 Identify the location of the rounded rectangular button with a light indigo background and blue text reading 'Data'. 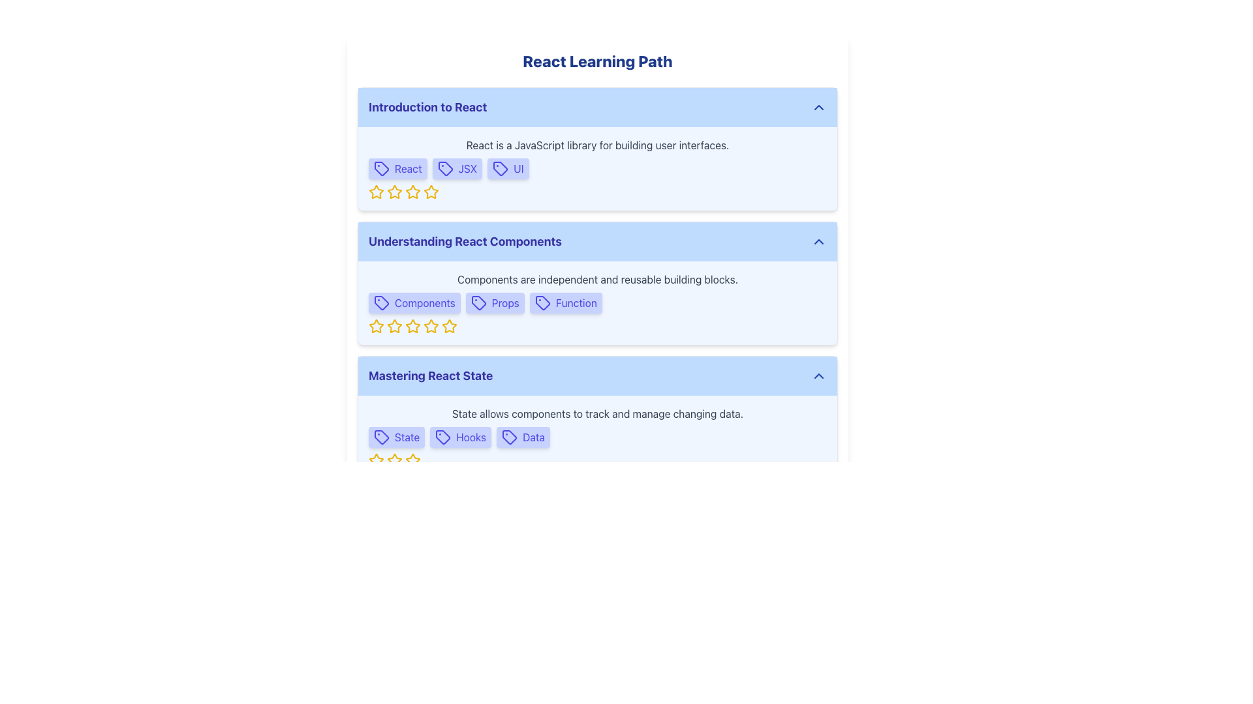
(523, 437).